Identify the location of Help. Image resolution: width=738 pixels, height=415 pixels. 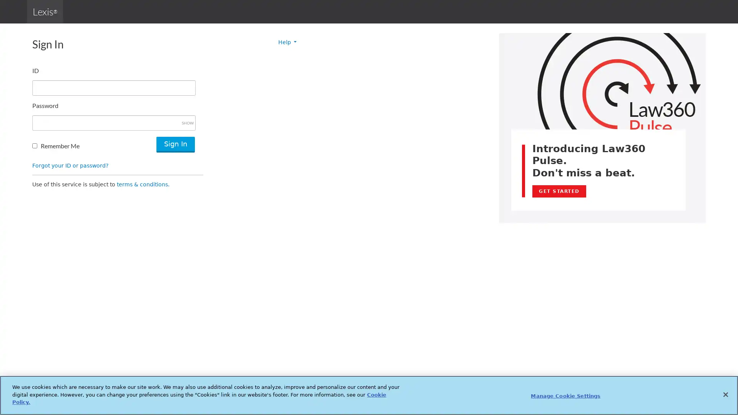
(287, 42).